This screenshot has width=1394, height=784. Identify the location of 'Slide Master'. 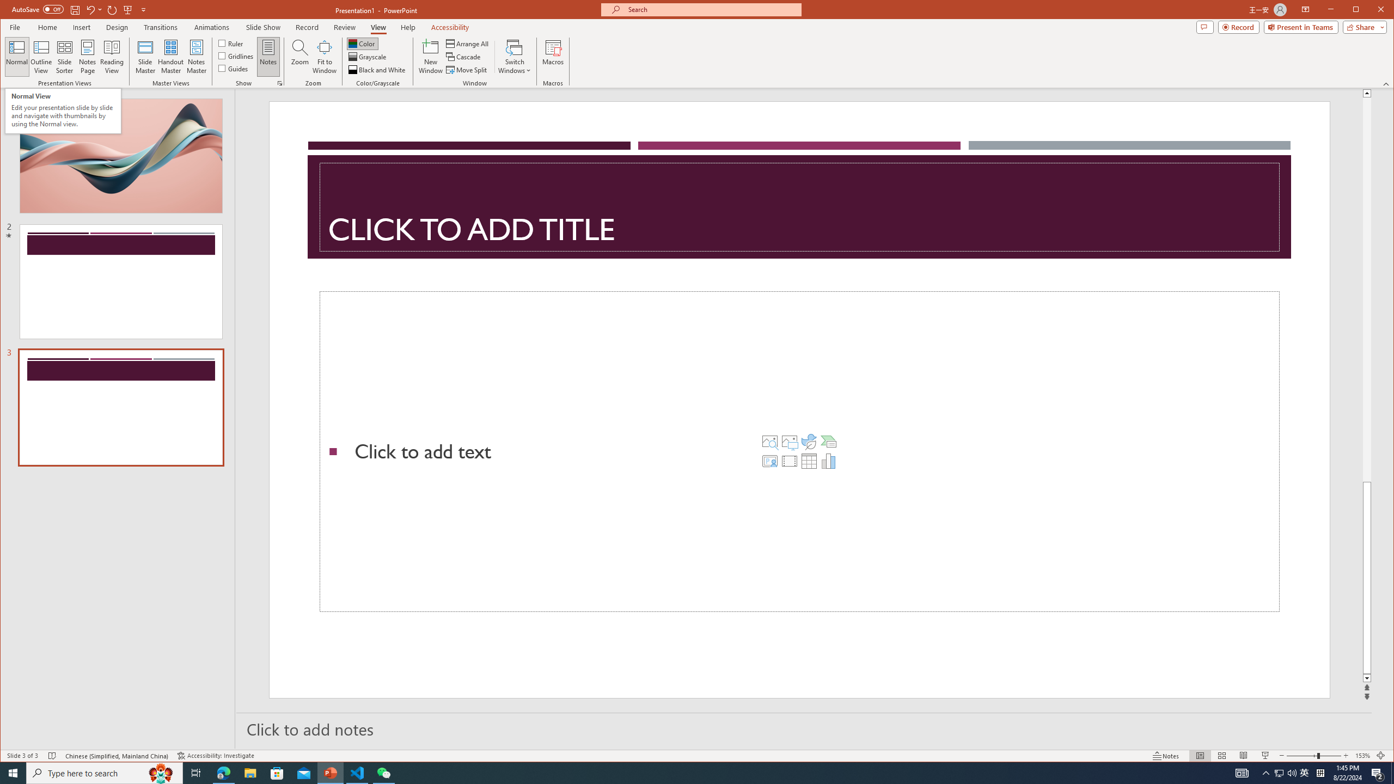
(144, 56).